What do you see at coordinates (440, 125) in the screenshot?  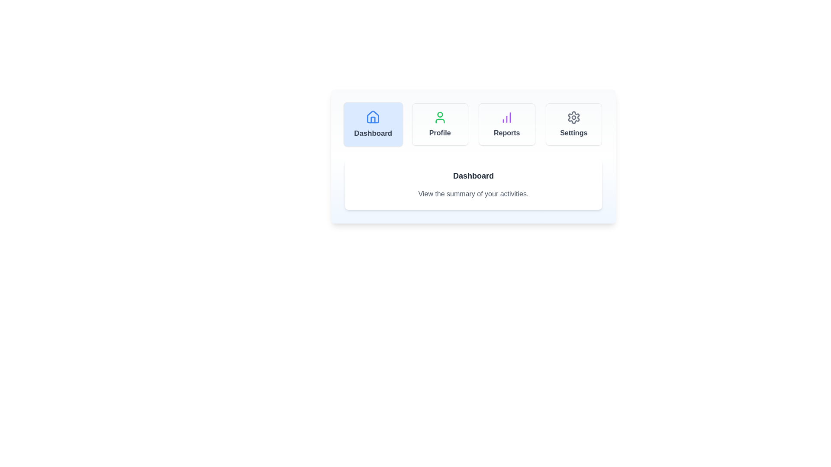 I see `the Profile tab to navigate to it` at bounding box center [440, 125].